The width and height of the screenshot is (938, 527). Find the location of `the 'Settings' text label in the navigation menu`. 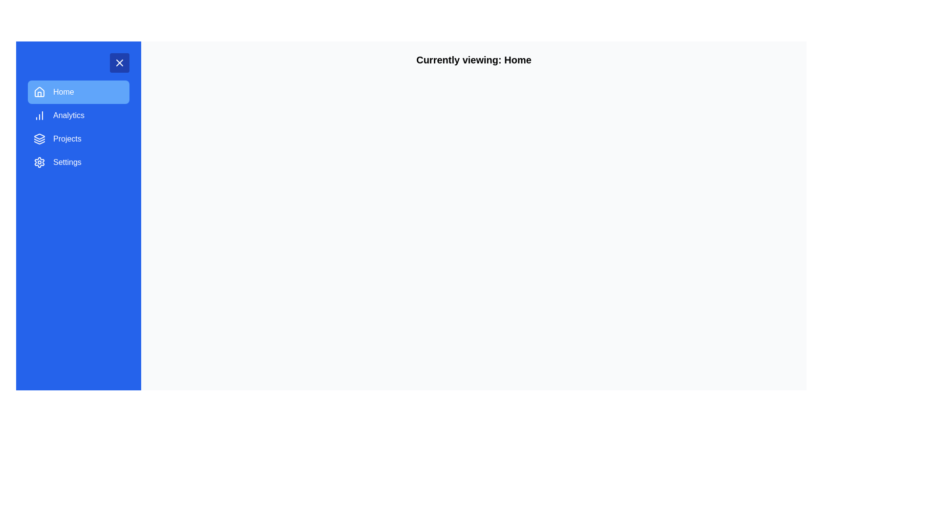

the 'Settings' text label in the navigation menu is located at coordinates (66, 162).